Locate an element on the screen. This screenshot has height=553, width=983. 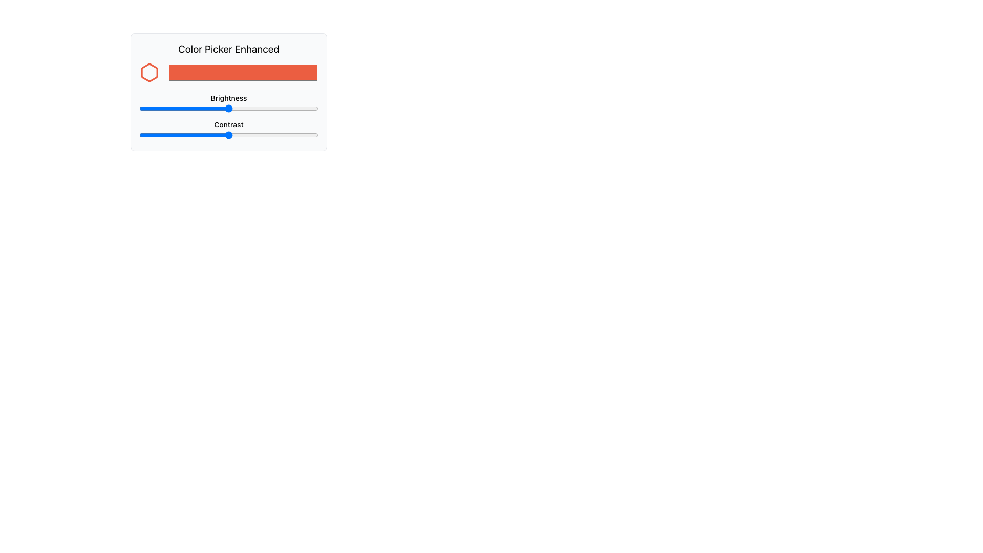
contrast is located at coordinates (261, 134).